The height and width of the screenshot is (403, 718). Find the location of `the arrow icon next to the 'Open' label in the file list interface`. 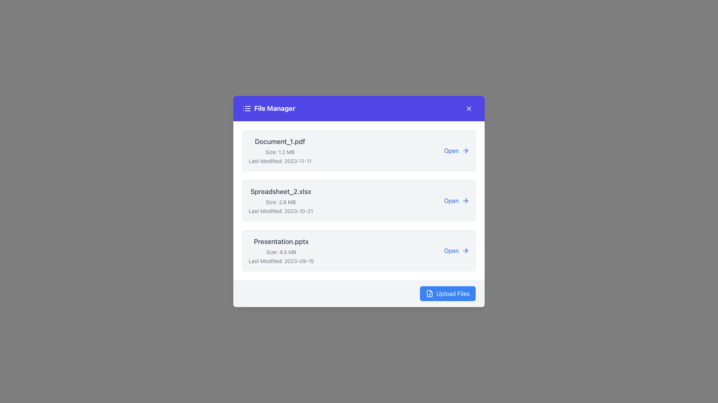

the arrow icon next to the 'Open' label in the file list interface is located at coordinates (465, 200).